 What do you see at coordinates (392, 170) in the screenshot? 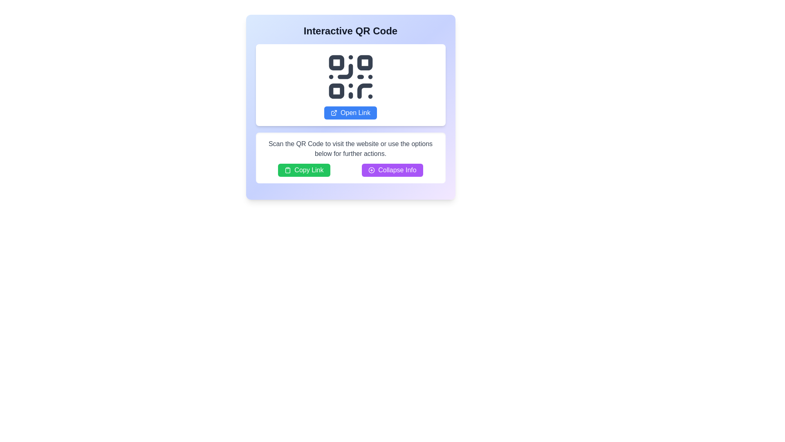
I see `the collapsible toggle button positioned to the right of the 'Copy Link' button` at bounding box center [392, 170].